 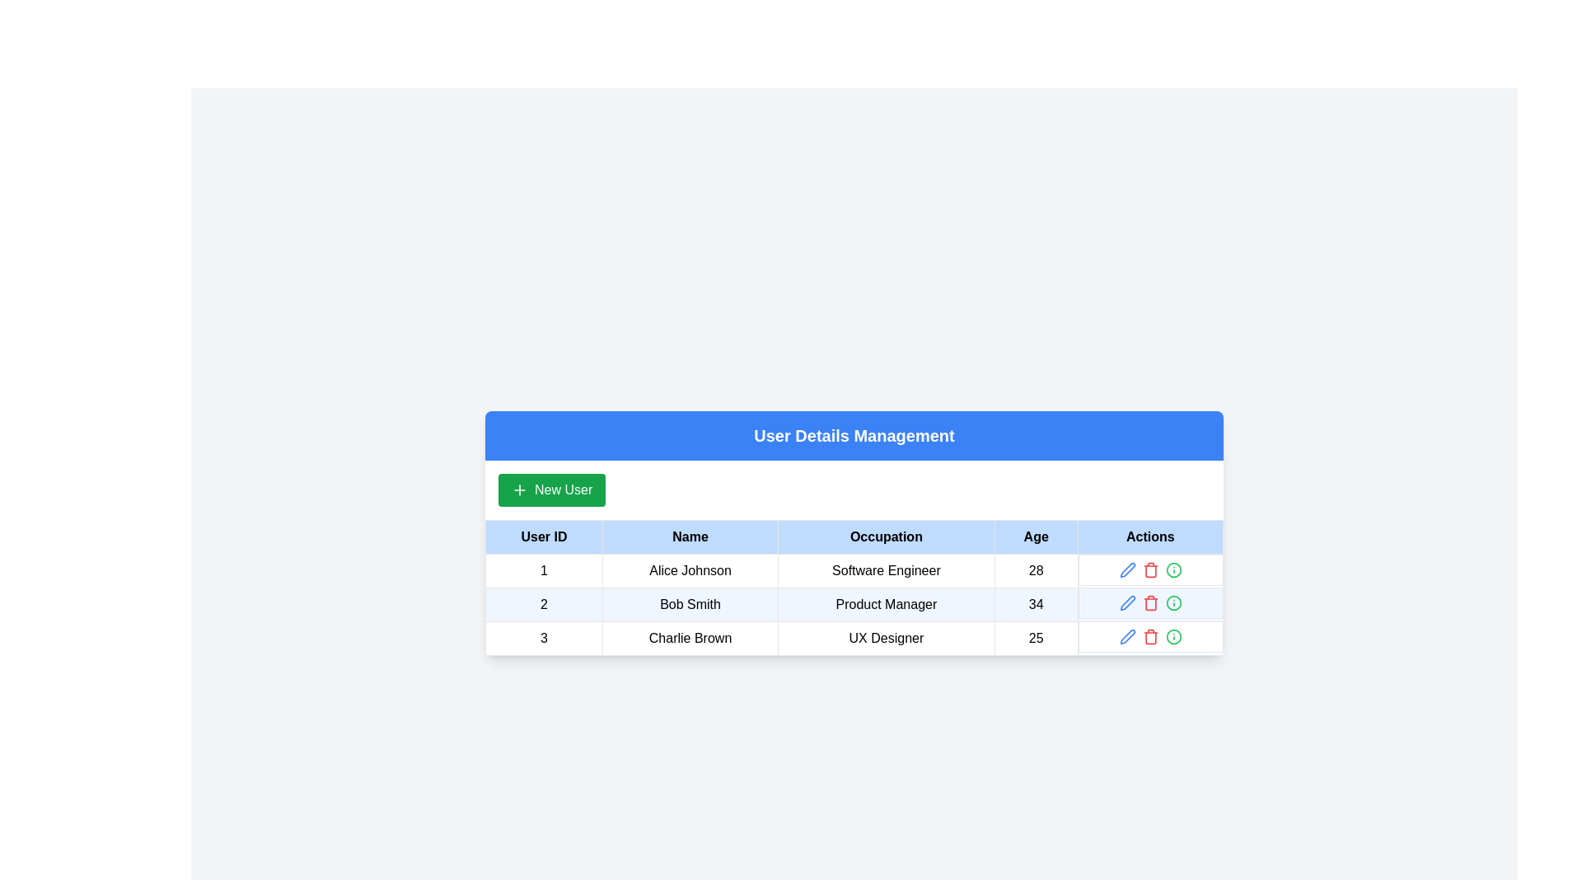 What do you see at coordinates (854, 603) in the screenshot?
I see `the table row representing user 'Bob Smith', which is styled with a light blue background and contains details such as 'Product Manager' and age '34'` at bounding box center [854, 603].